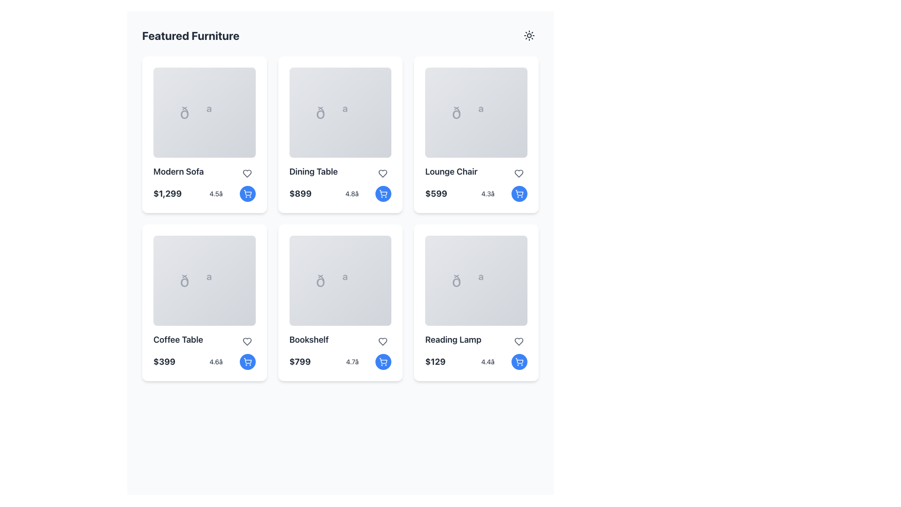 This screenshot has width=901, height=507. Describe the element at coordinates (476, 174) in the screenshot. I see `the product name 'Lounge Chair' displayed in the third product card of the first row` at that location.